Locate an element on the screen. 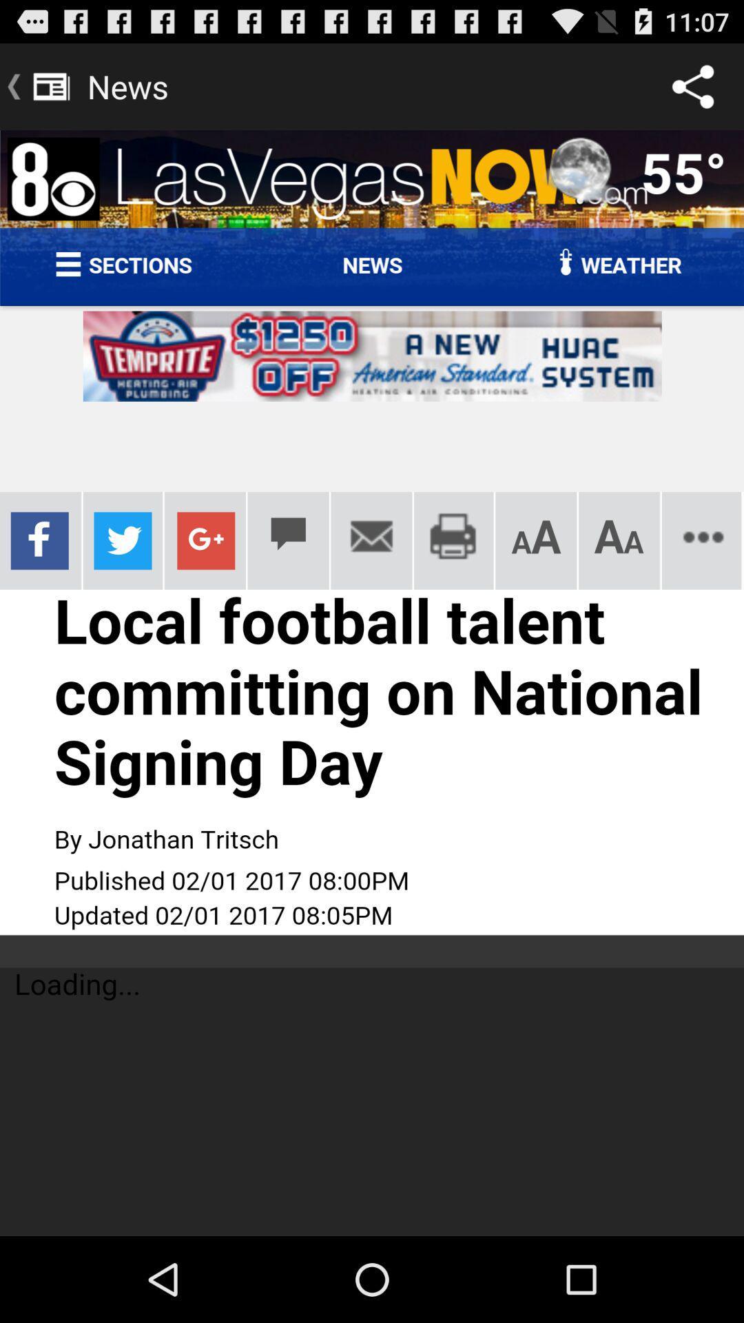 Image resolution: width=744 pixels, height=1323 pixels. screen dislay is located at coordinates (372, 683).